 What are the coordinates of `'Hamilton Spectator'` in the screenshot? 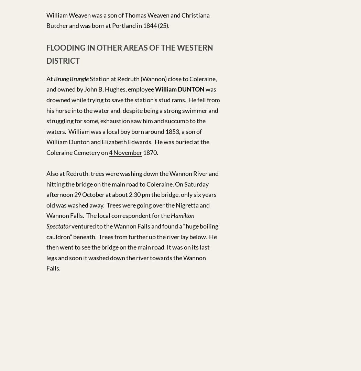 It's located at (120, 220).